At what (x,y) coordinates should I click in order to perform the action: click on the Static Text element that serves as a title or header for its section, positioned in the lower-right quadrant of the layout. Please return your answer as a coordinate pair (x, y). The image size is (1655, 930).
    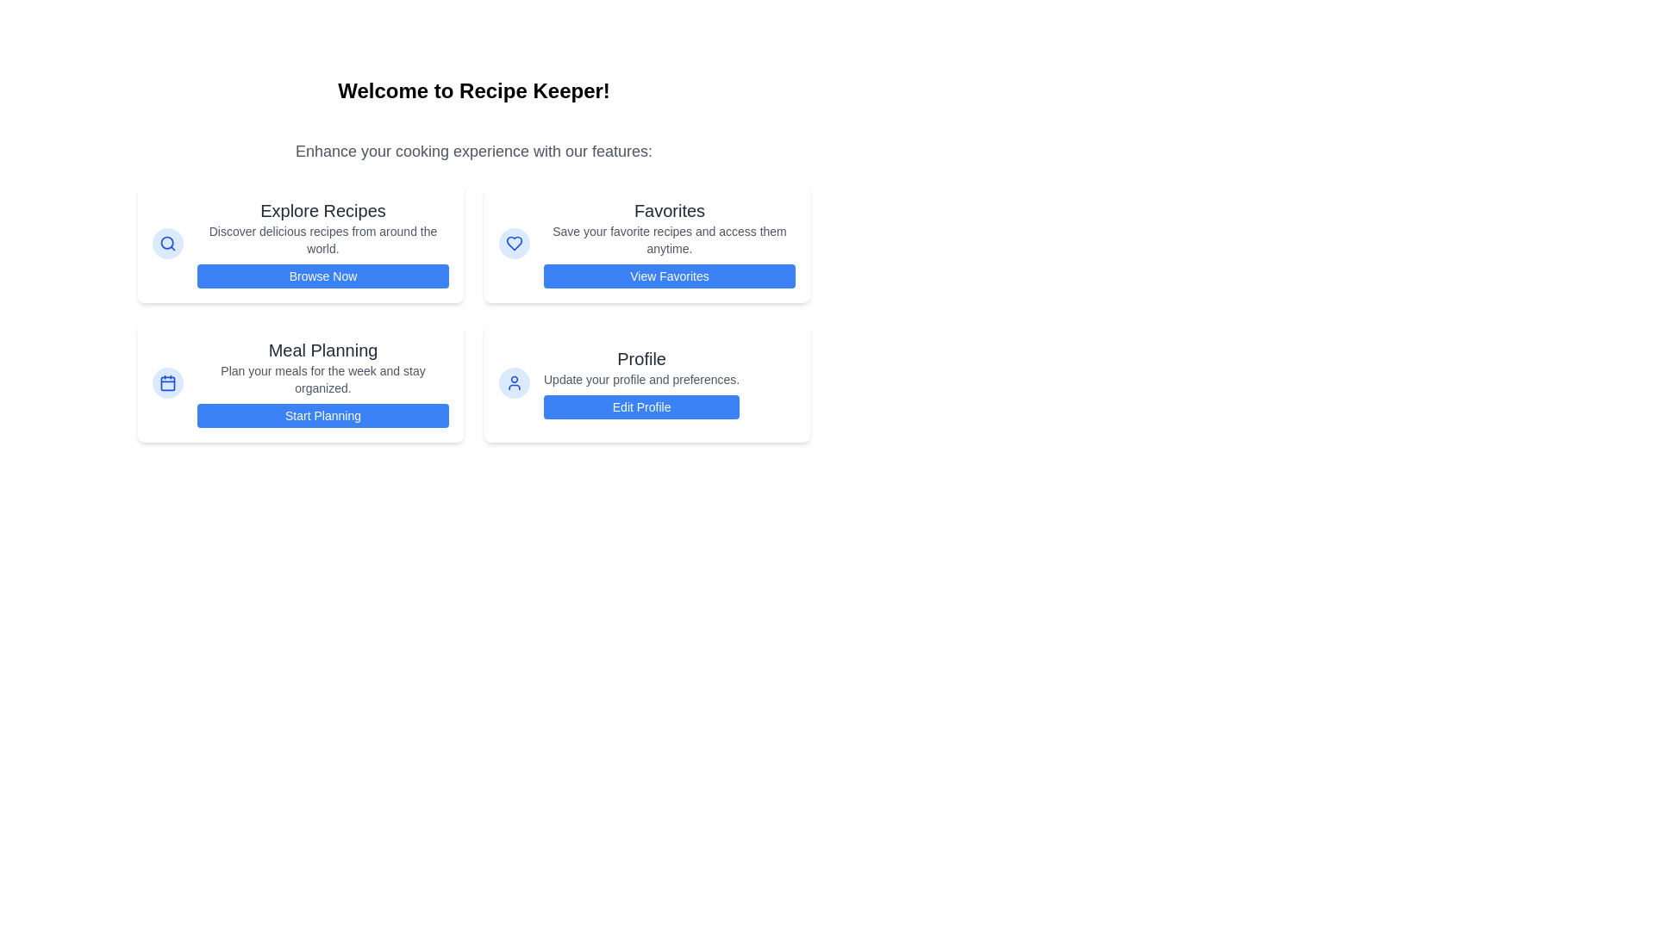
    Looking at the image, I should click on (640, 357).